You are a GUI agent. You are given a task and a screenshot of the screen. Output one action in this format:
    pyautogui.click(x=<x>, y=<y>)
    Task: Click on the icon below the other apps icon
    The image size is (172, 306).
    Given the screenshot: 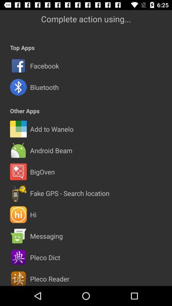 What is the action you would take?
    pyautogui.click(x=86, y=118)
    